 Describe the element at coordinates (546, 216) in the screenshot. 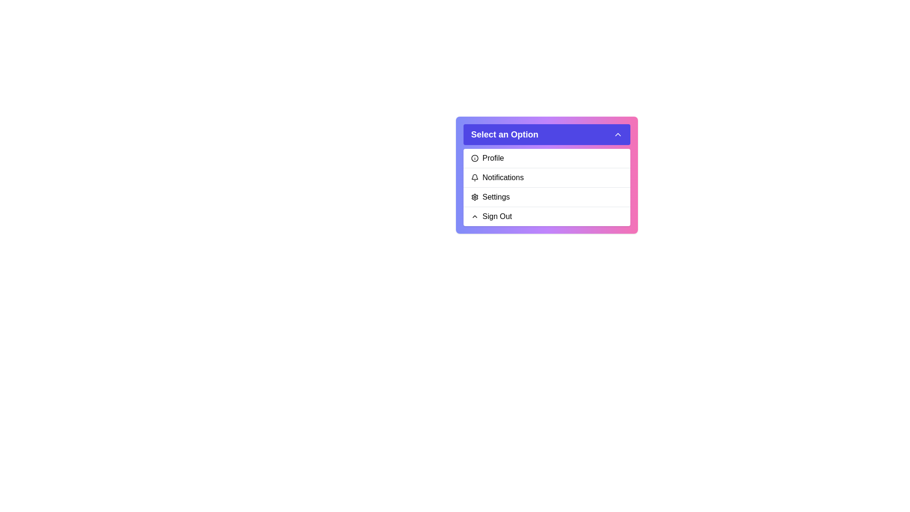

I see `the Sign Out from the dropdown menu` at that location.